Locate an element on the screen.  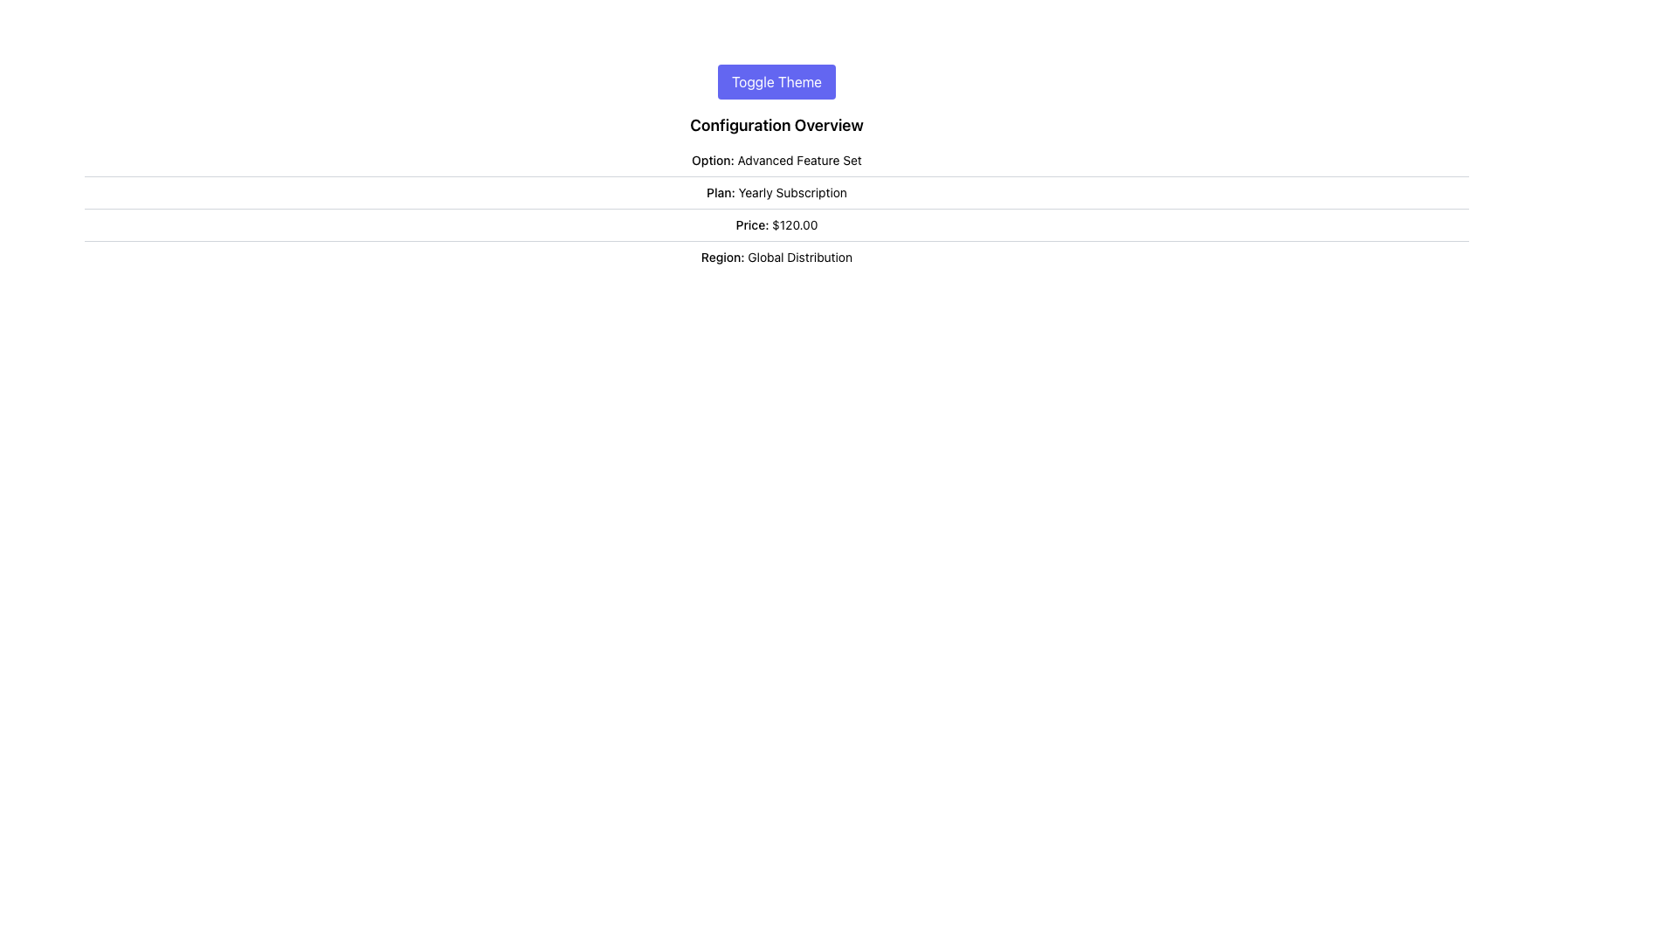
the label indicating the 'Region' parameter, which is positioned to the left of the 'Global Distribution' label in the lower part of the configuration interface is located at coordinates (724, 257).